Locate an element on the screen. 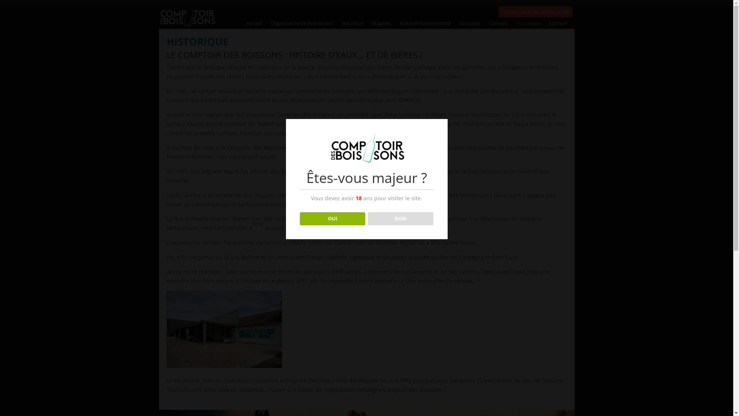 Image resolution: width=739 pixels, height=416 pixels. 'Formulaire de commande' is located at coordinates (498, 12).